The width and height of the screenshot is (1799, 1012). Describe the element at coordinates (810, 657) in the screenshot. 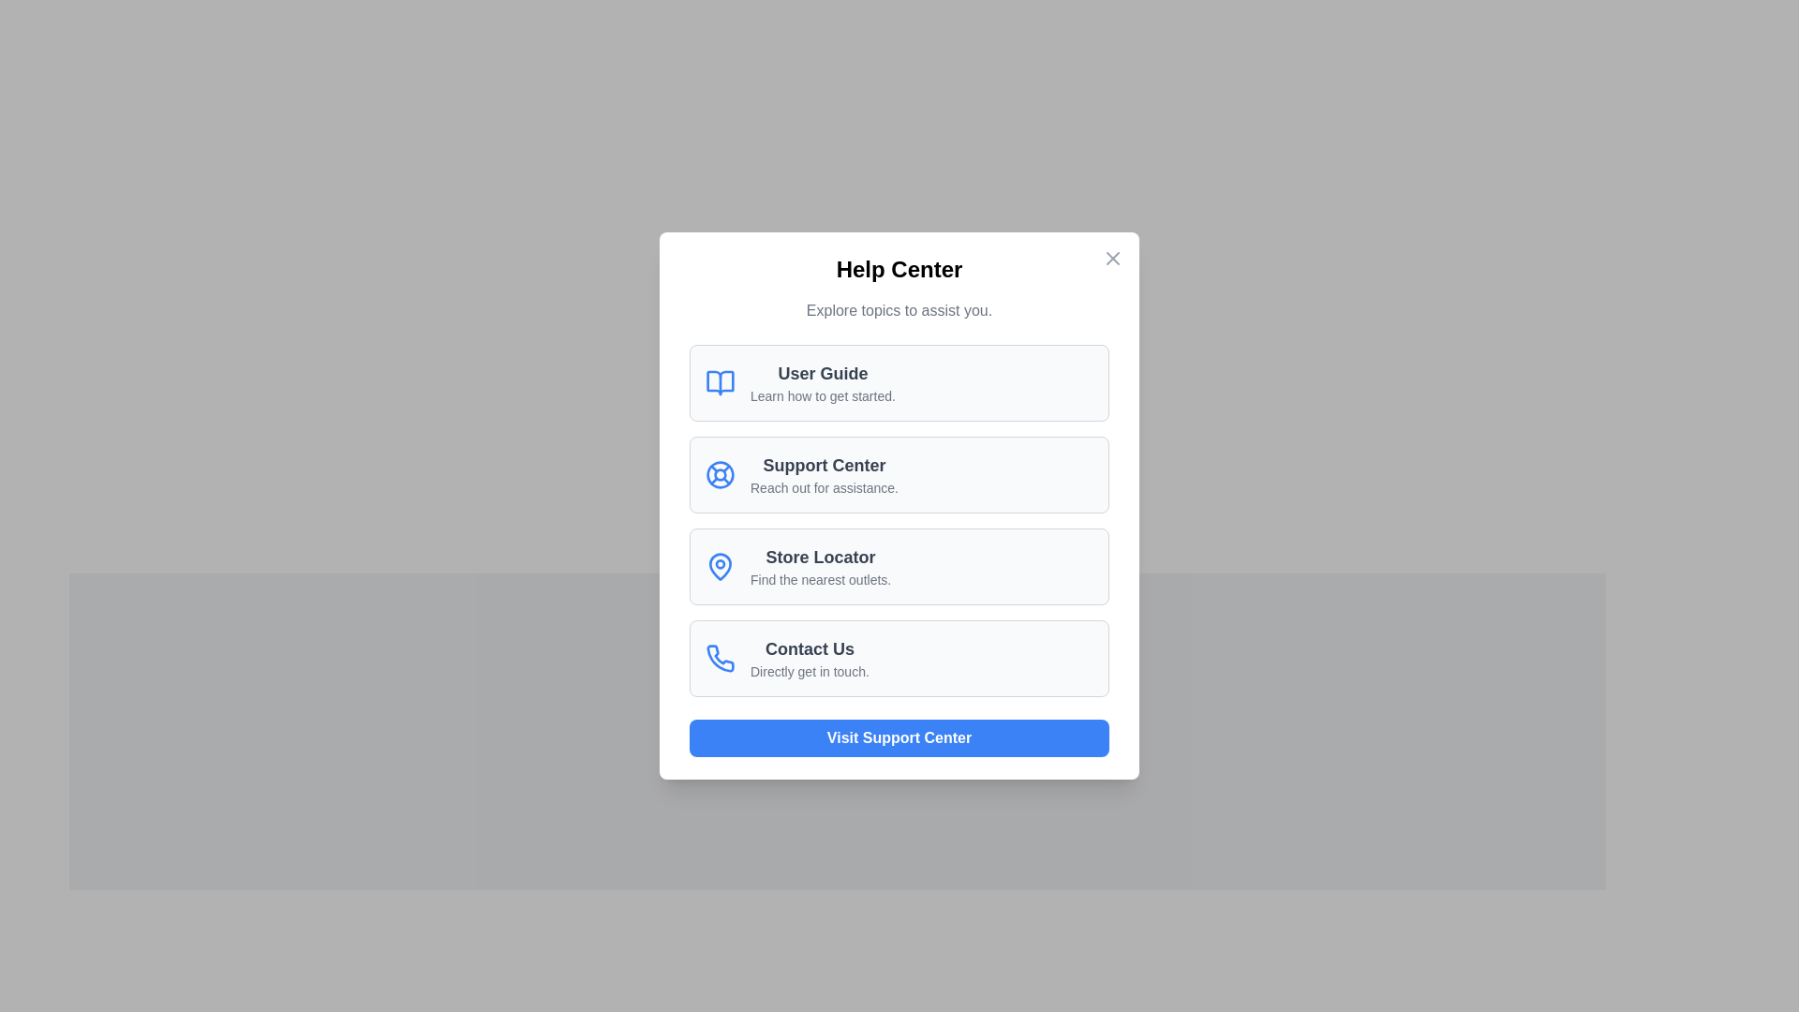

I see `text content of the informational section that provides contact information, positioned below 'Store Locator' and above the 'Visit Support Center' button` at that location.